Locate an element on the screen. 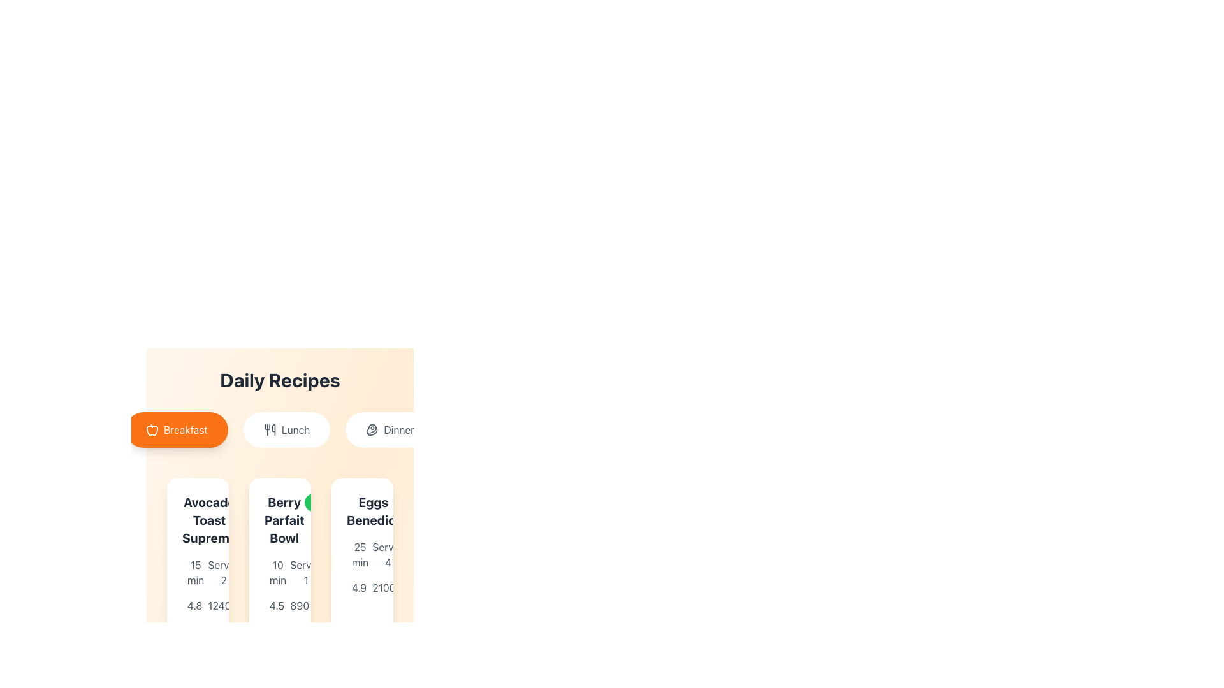  title text label of the recipe, which is located in the second column under the 'Daily Recipes' header, positioned to the left of the green 'Easy' tag is located at coordinates (284, 520).